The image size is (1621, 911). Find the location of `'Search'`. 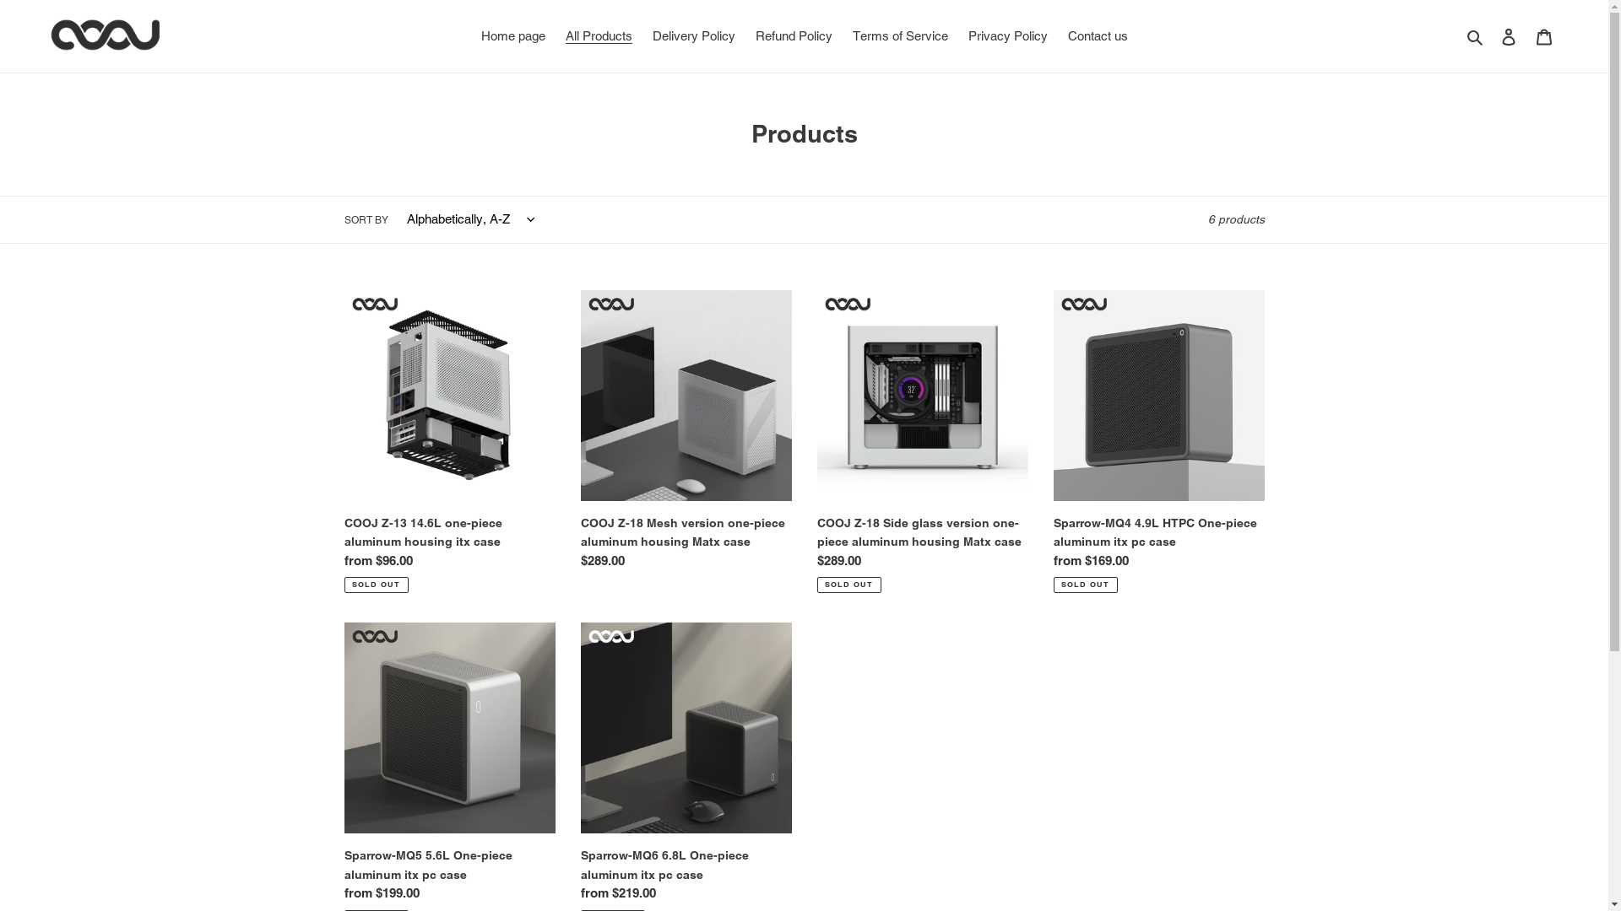

'Search' is located at coordinates (1475, 36).